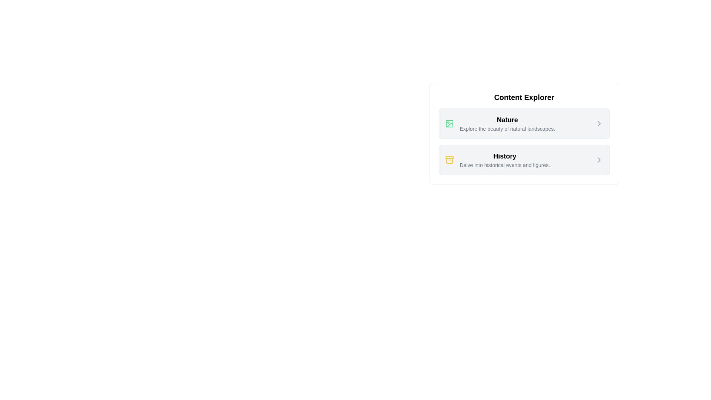 The image size is (711, 400). I want to click on the chevron icon located at the far-right side of the 'Nature' card to receive potential visual feedback, so click(599, 123).